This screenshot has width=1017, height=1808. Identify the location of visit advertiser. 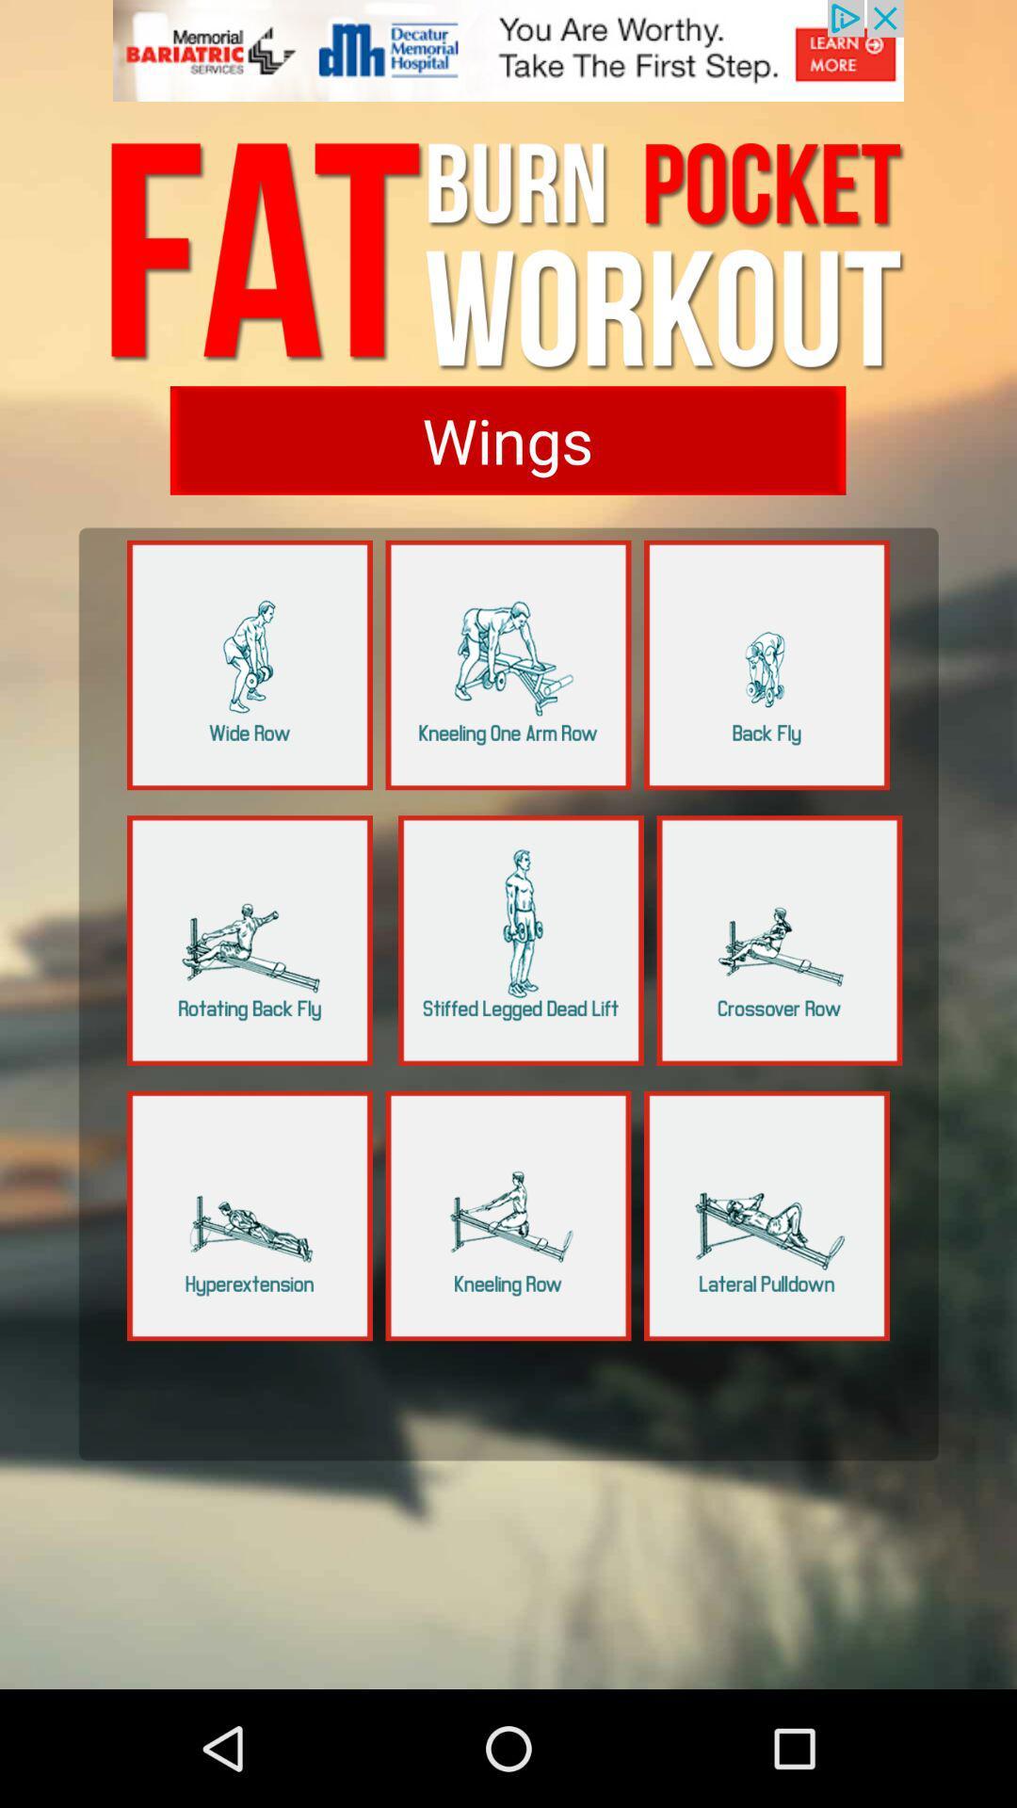
(508, 61).